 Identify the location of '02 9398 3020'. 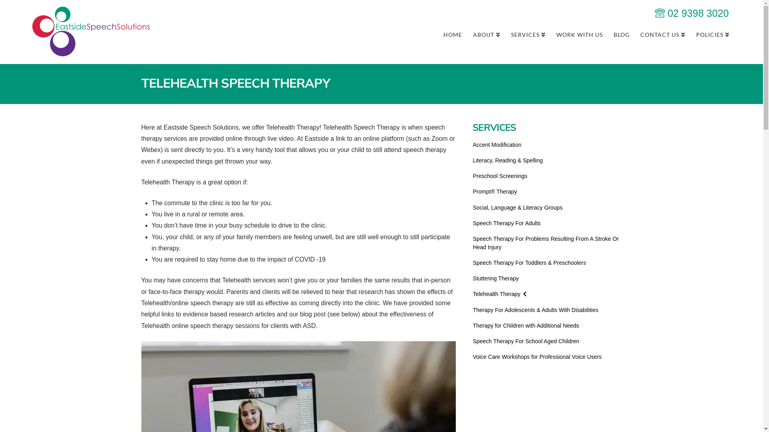
(691, 13).